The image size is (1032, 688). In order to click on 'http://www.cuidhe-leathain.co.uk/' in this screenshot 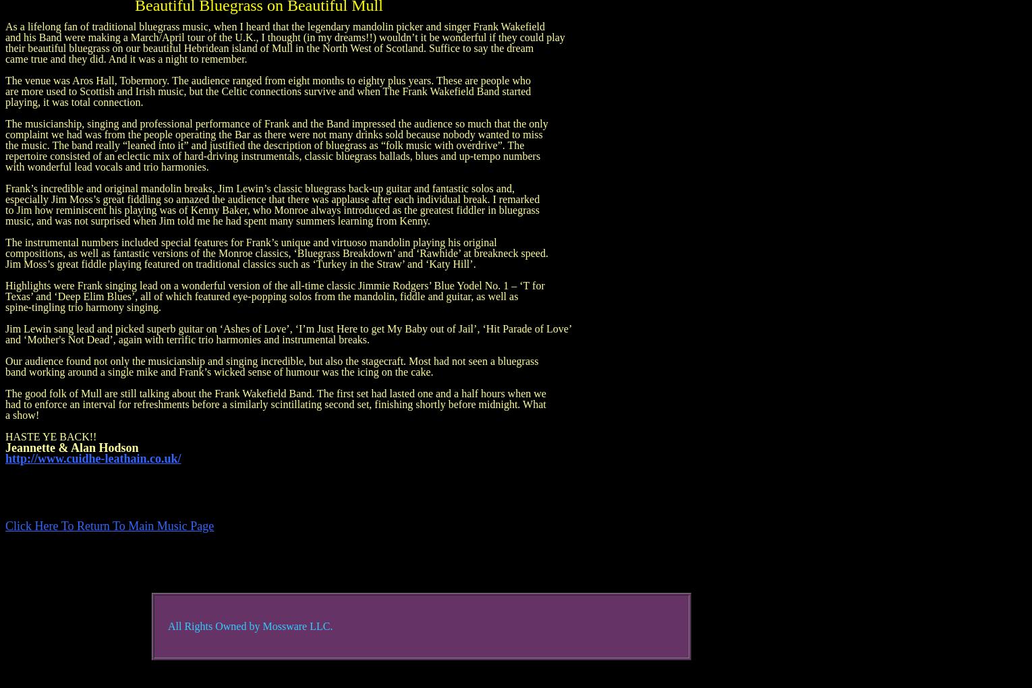, I will do `click(92, 459)`.